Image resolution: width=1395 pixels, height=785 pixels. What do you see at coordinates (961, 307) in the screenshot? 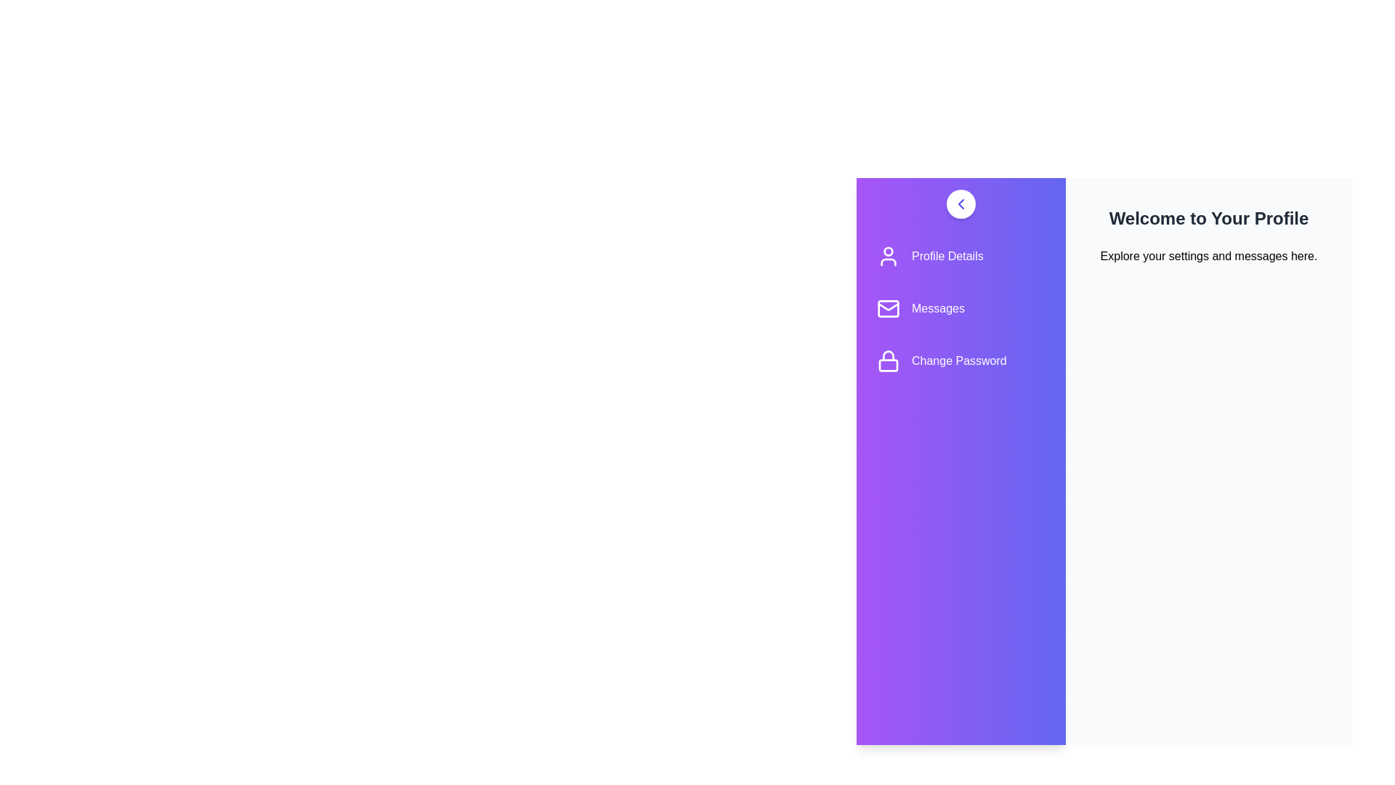
I see `the menu item Messages to observe the visual effect` at bounding box center [961, 307].